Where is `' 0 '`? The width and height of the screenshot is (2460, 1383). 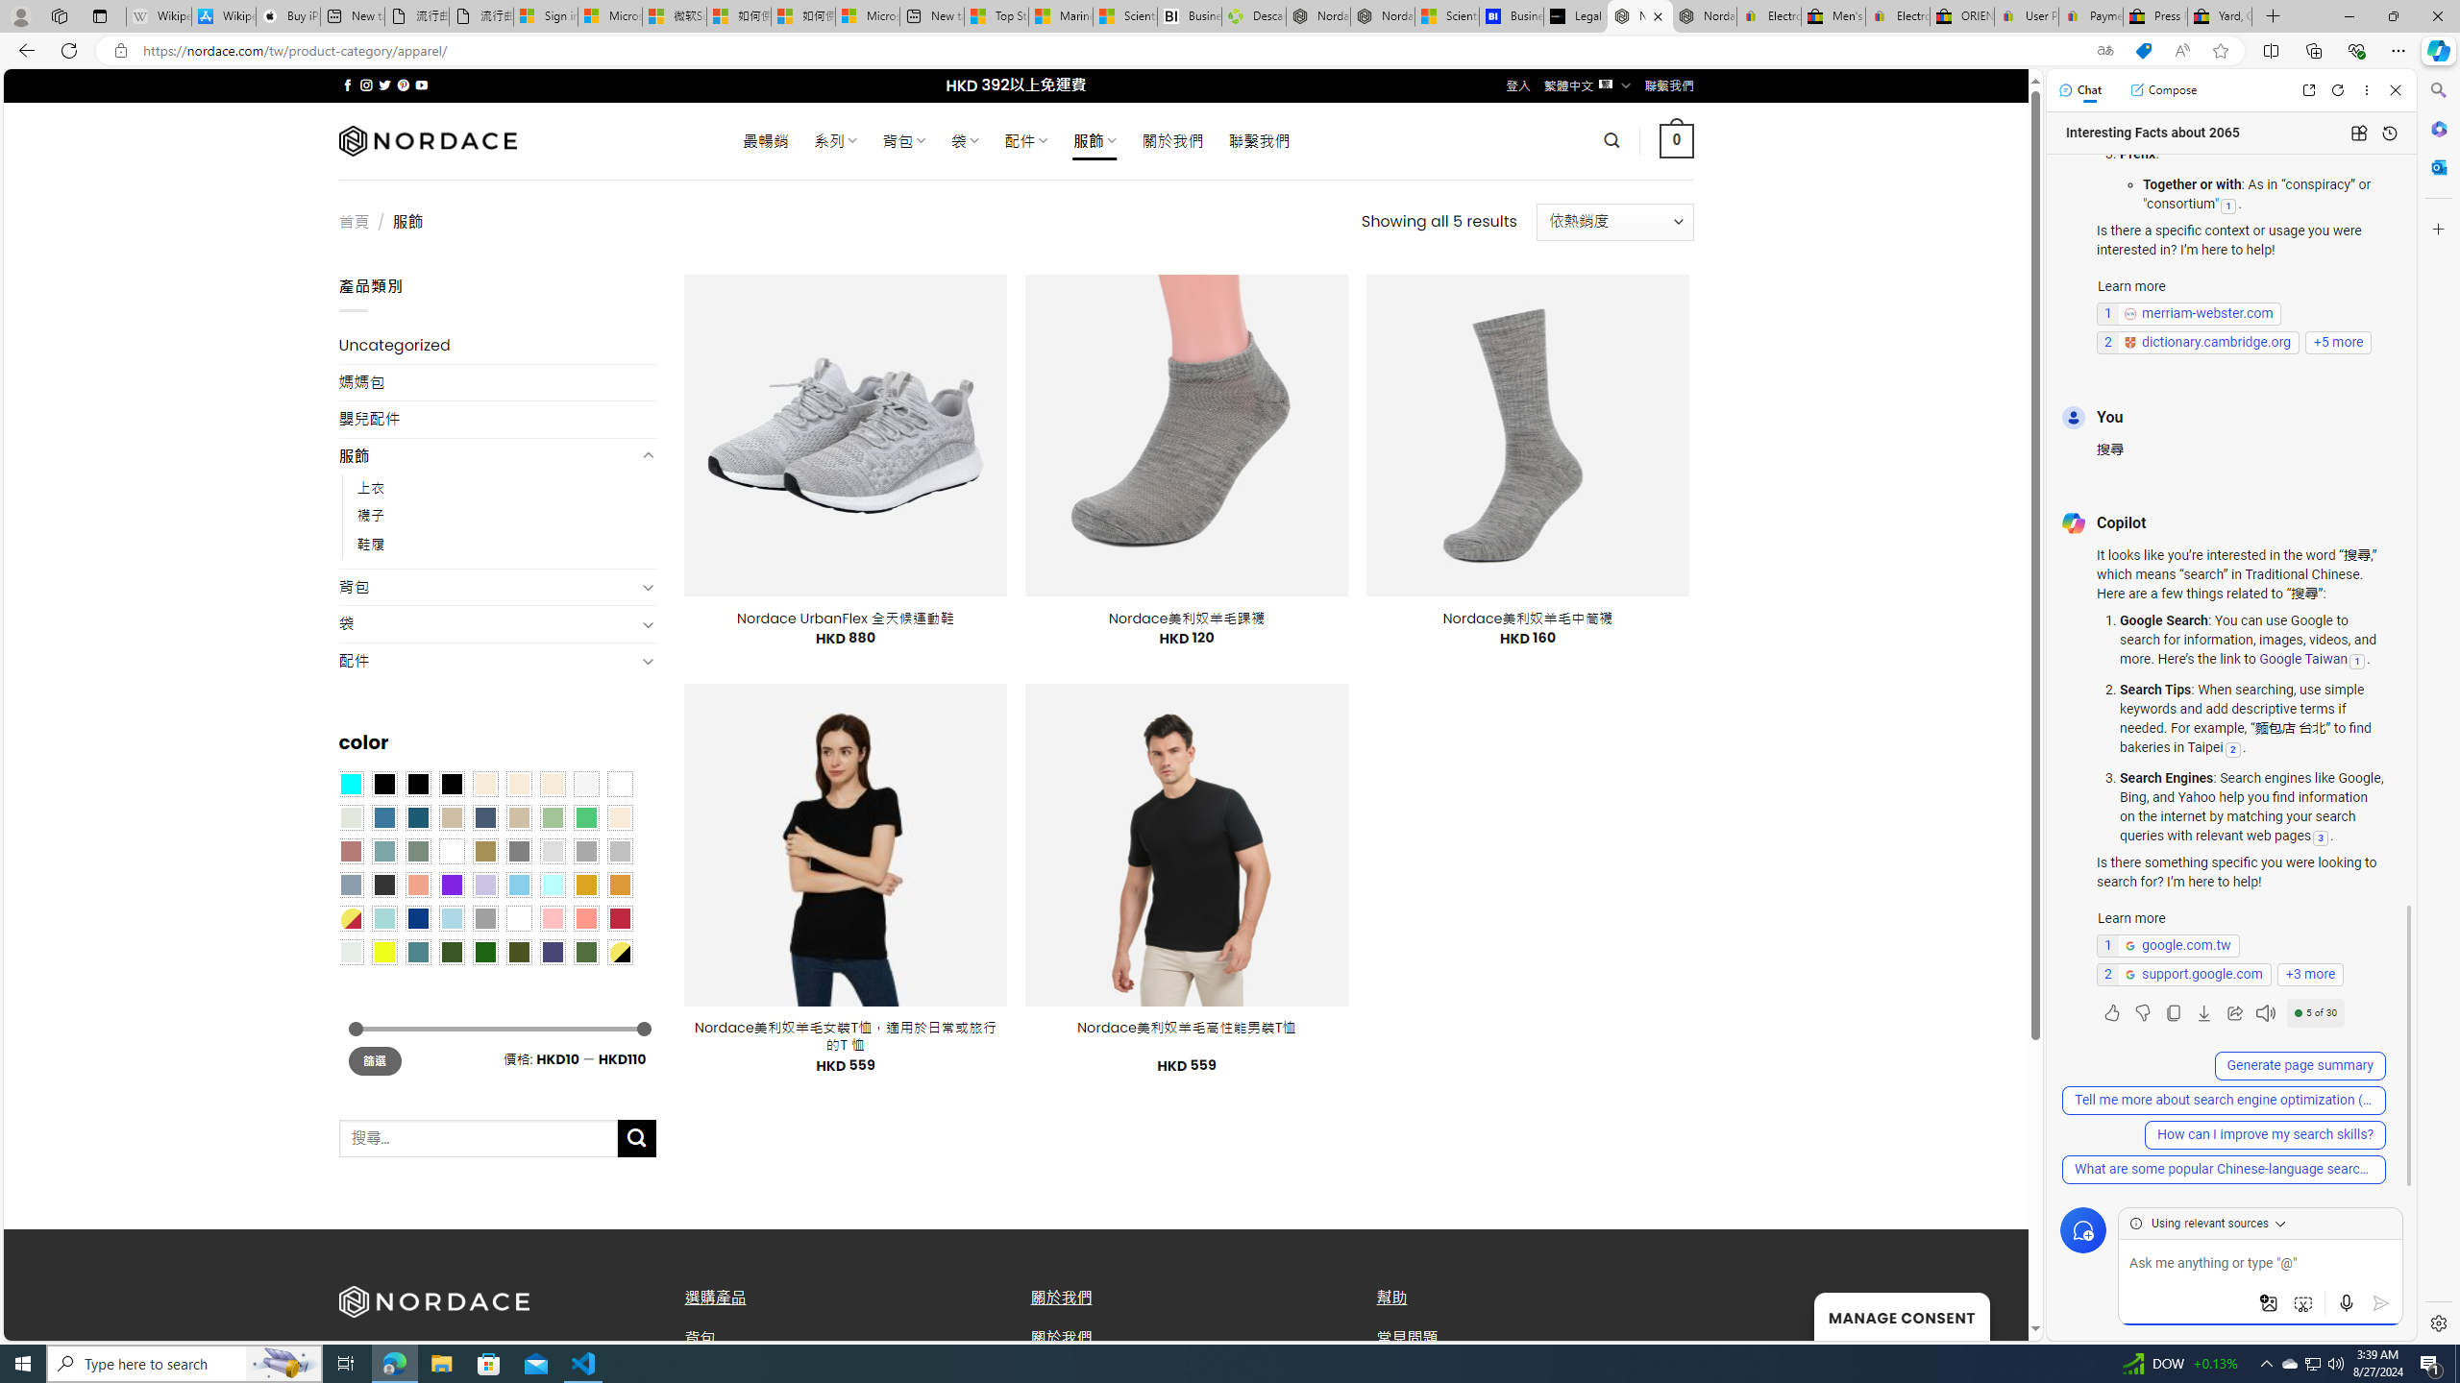 ' 0 ' is located at coordinates (1676, 139).